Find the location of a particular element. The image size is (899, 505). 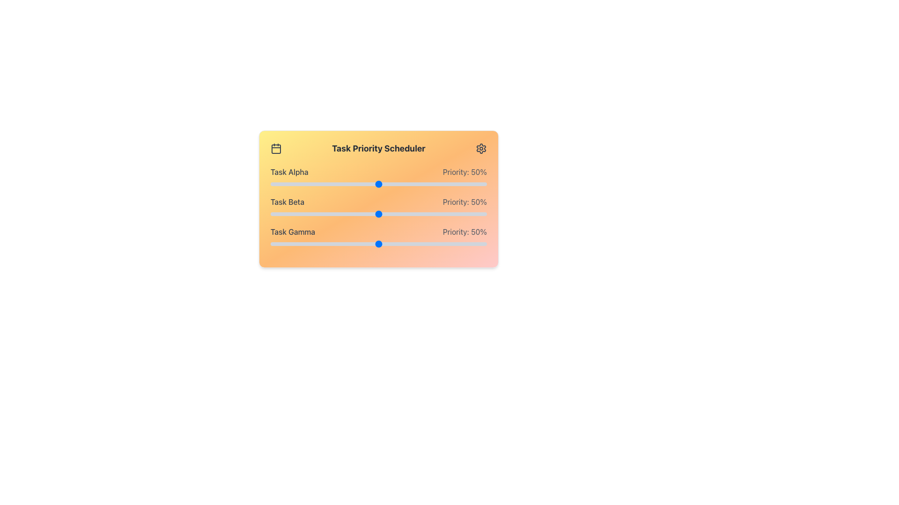

the settings icon located is located at coordinates (481, 148).